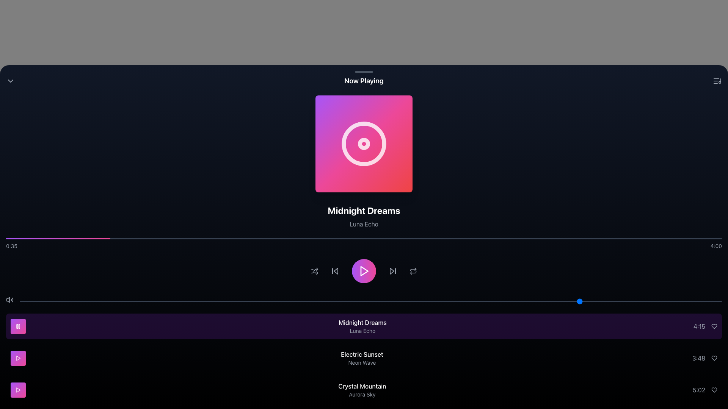  I want to click on the circular button with a gradient background and a white play triangle icon, located in the bottom-left part of the interface within the row for 'Electric Sunset' by 'Neon Wave', so click(18, 358).